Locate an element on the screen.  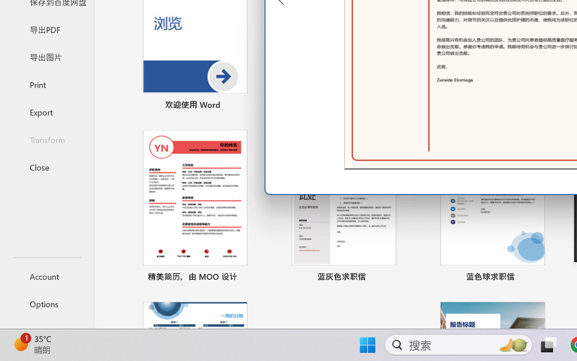
'Transform' is located at coordinates (46, 139).